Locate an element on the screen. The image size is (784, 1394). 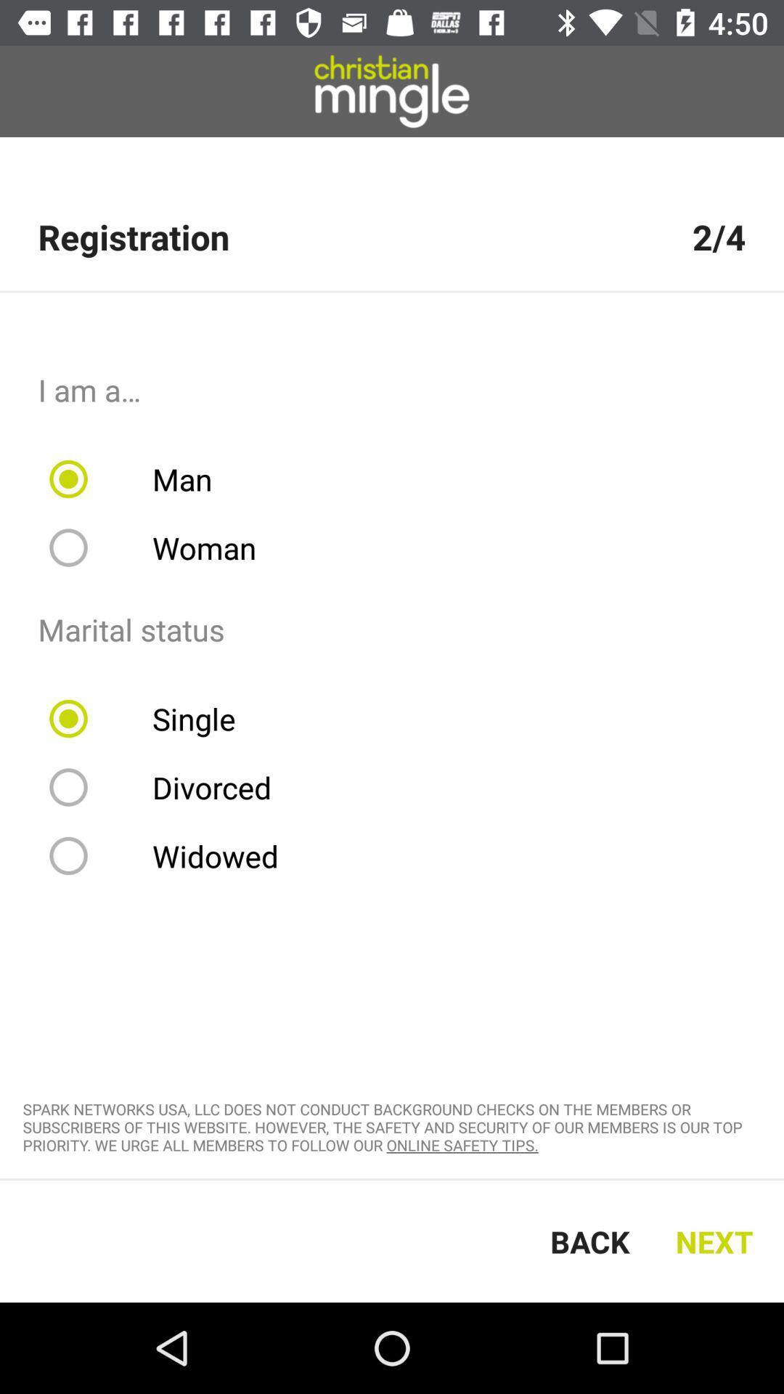
icon to the right of the back icon is located at coordinates (717, 1240).